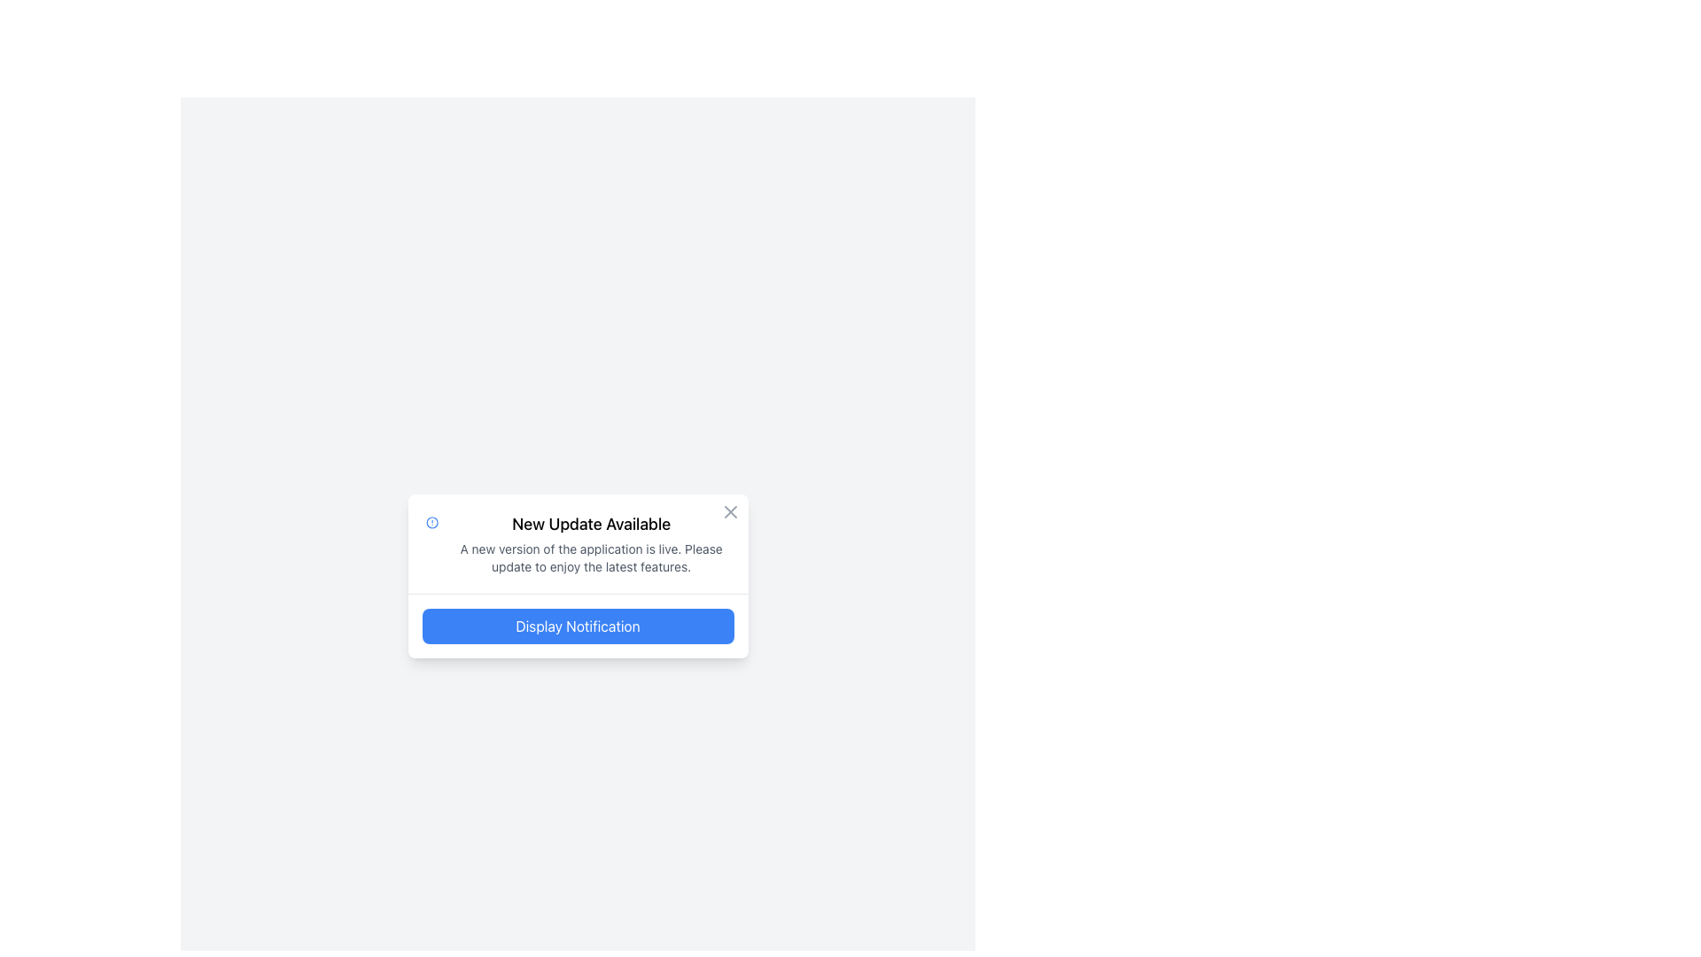 The width and height of the screenshot is (1701, 957). What do you see at coordinates (730, 511) in the screenshot?
I see `the close button in the top-right corner of the 'New Update Available' notification box to change its appearance` at bounding box center [730, 511].